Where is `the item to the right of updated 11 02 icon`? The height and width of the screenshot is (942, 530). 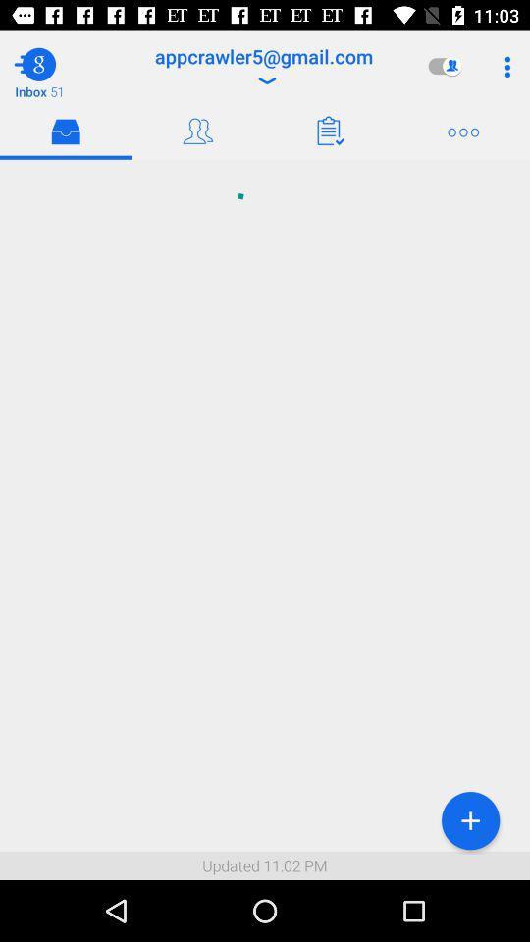 the item to the right of updated 11 02 icon is located at coordinates (469, 820).